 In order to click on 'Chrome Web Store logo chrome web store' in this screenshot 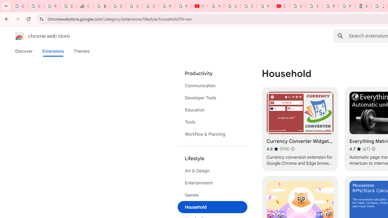, I will do `click(36, 36)`.